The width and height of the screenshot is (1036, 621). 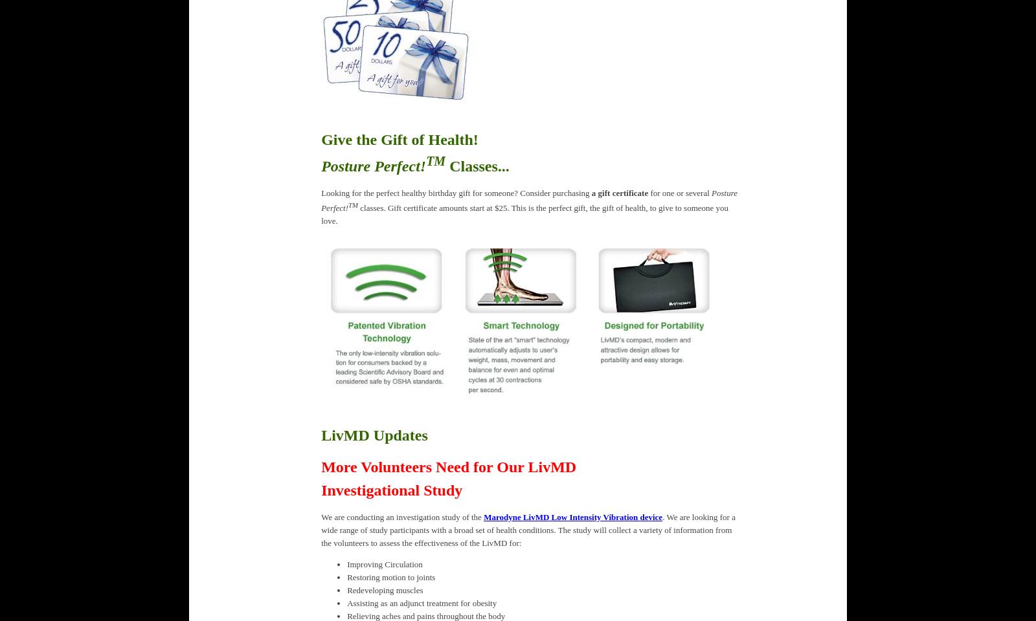 What do you see at coordinates (679, 191) in the screenshot?
I see `'for one or several'` at bounding box center [679, 191].